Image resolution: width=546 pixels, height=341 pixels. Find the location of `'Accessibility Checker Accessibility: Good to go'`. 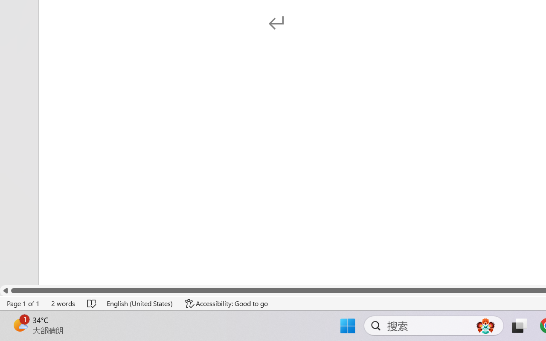

'Accessibility Checker Accessibility: Good to go' is located at coordinates (227, 303).